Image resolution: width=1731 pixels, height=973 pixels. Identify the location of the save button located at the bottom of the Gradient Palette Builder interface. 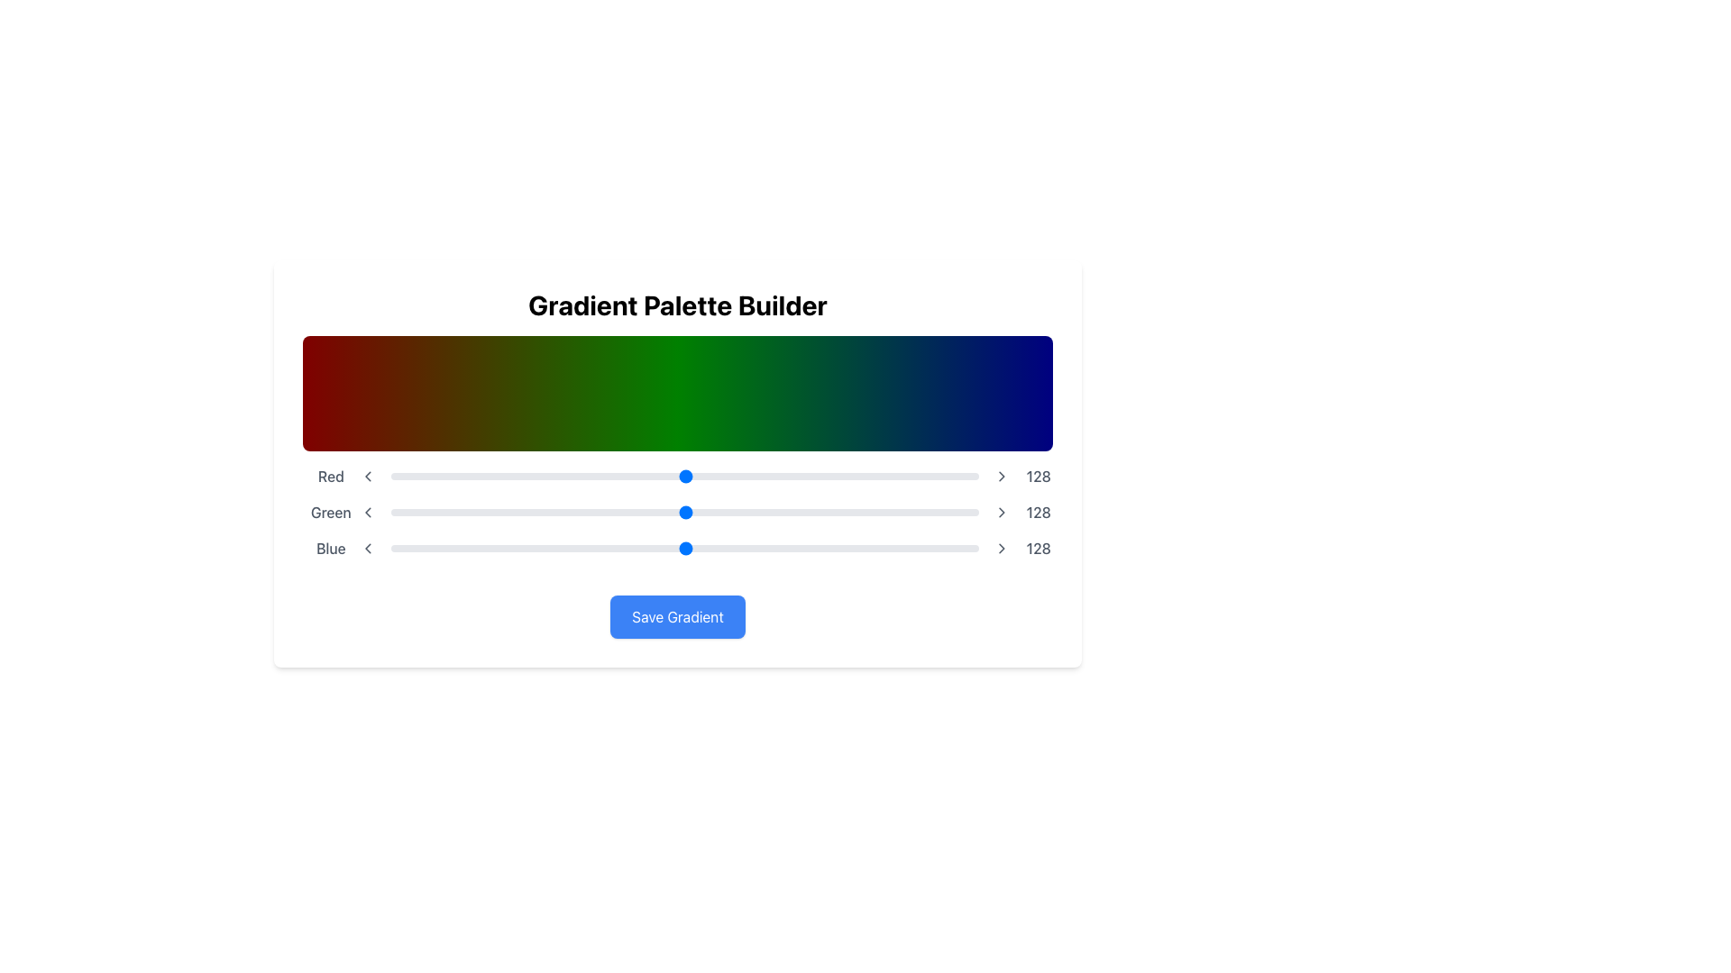
(677, 616).